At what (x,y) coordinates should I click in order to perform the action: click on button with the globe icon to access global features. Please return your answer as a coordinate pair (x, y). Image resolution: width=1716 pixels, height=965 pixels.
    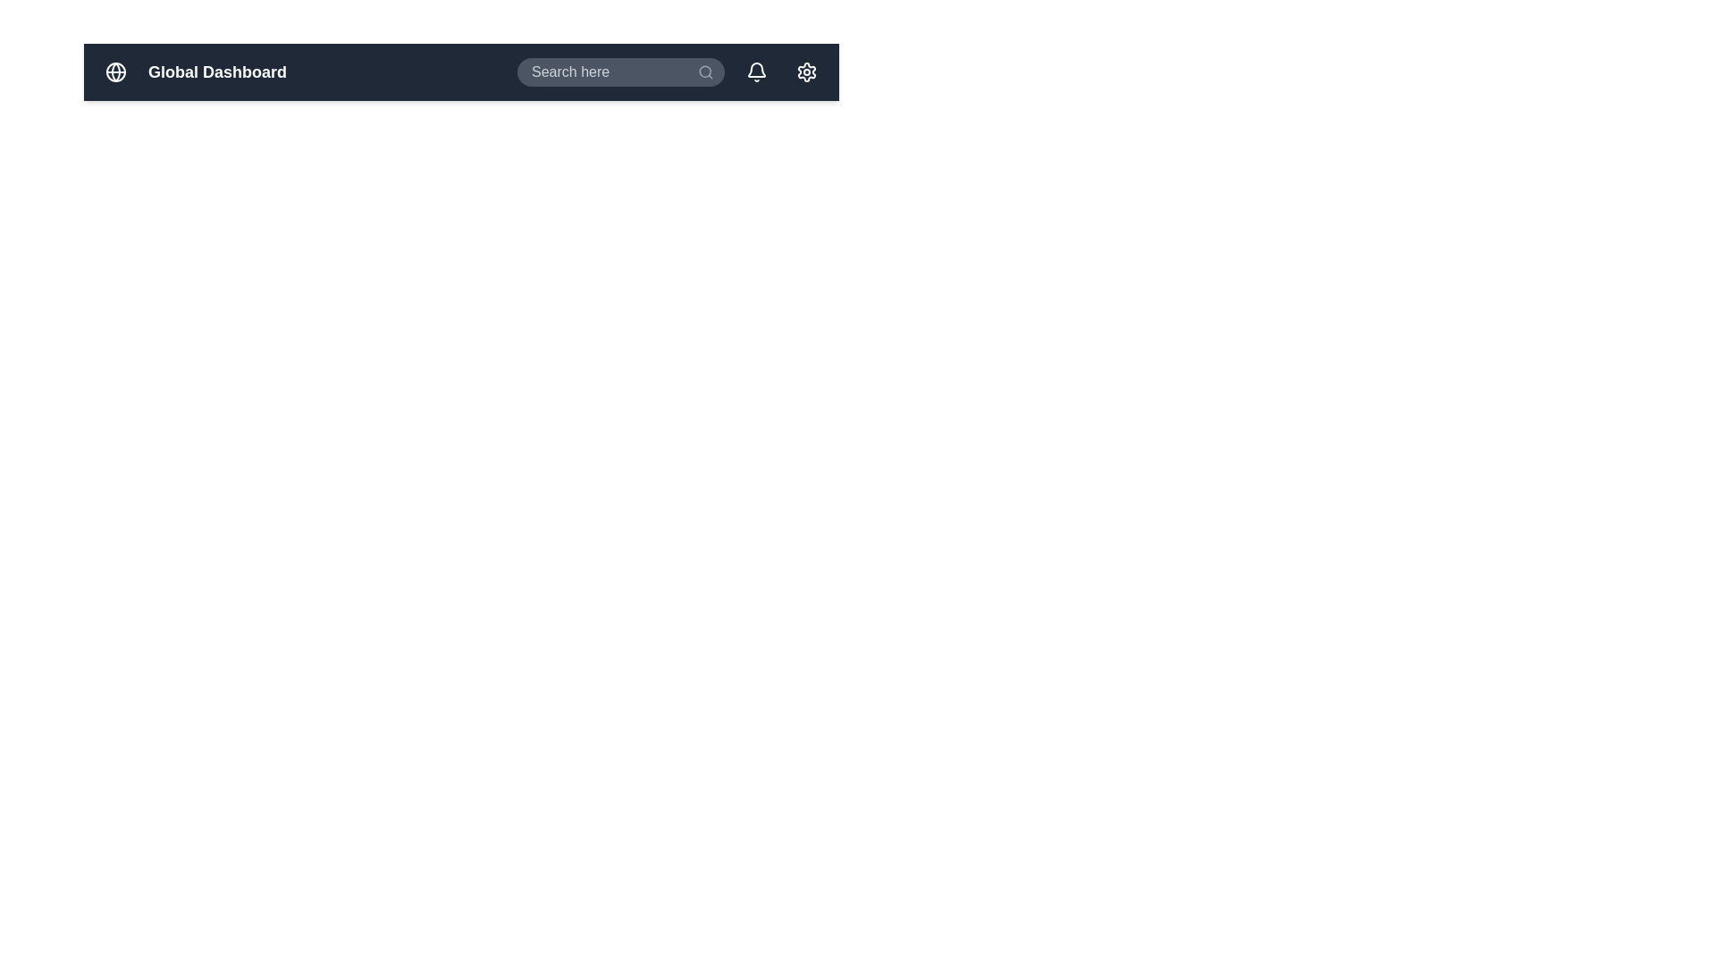
    Looking at the image, I should click on (114, 71).